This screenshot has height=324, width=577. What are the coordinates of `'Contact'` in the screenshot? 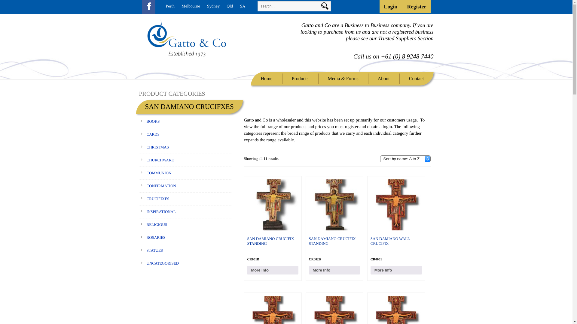 It's located at (416, 78).